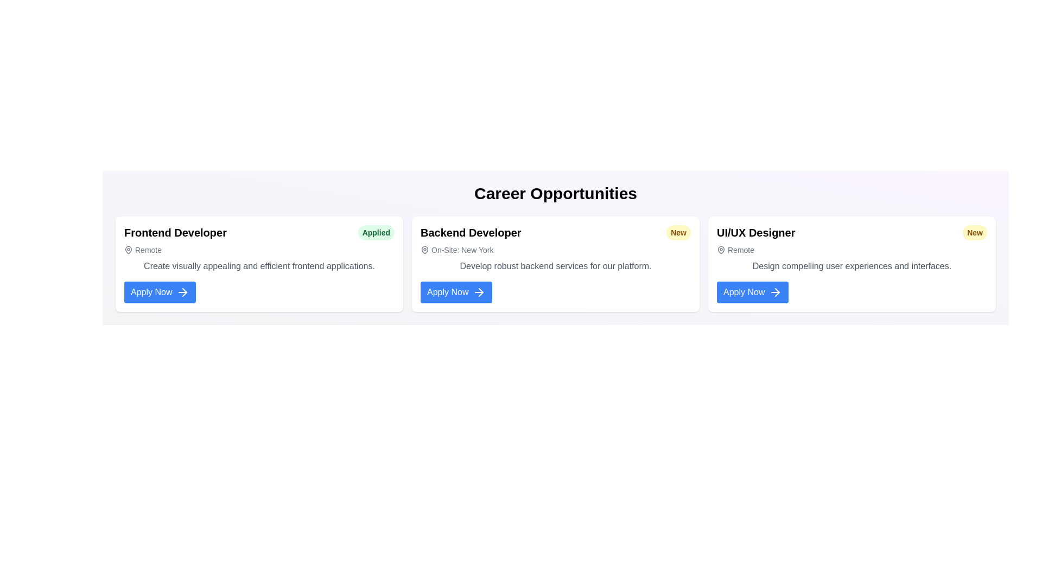 The height and width of the screenshot is (586, 1042). Describe the element at coordinates (456, 292) in the screenshot. I see `the call-to-action button for the 'Backend Developer' role to observe the hover effect` at that location.